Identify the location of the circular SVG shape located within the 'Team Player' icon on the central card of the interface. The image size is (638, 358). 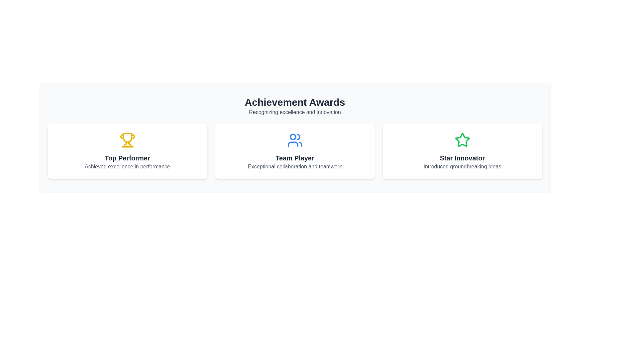
(292, 136).